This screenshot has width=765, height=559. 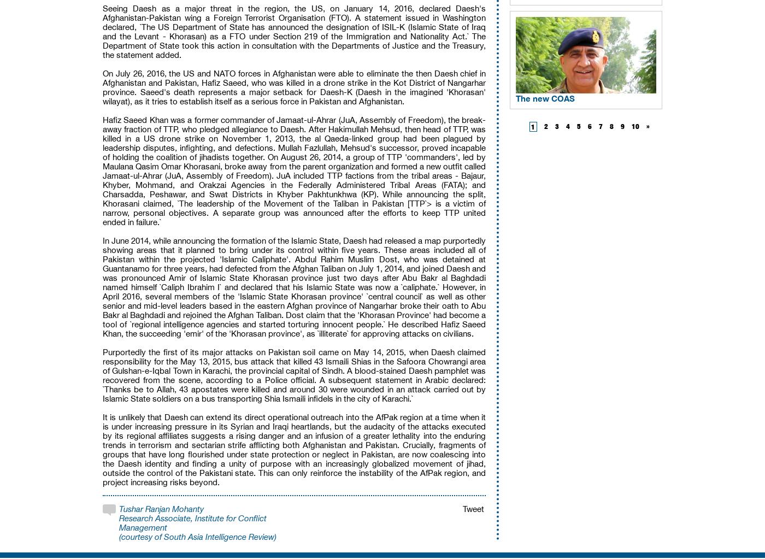 What do you see at coordinates (545, 98) in the screenshot?
I see `'The new COAS'` at bounding box center [545, 98].